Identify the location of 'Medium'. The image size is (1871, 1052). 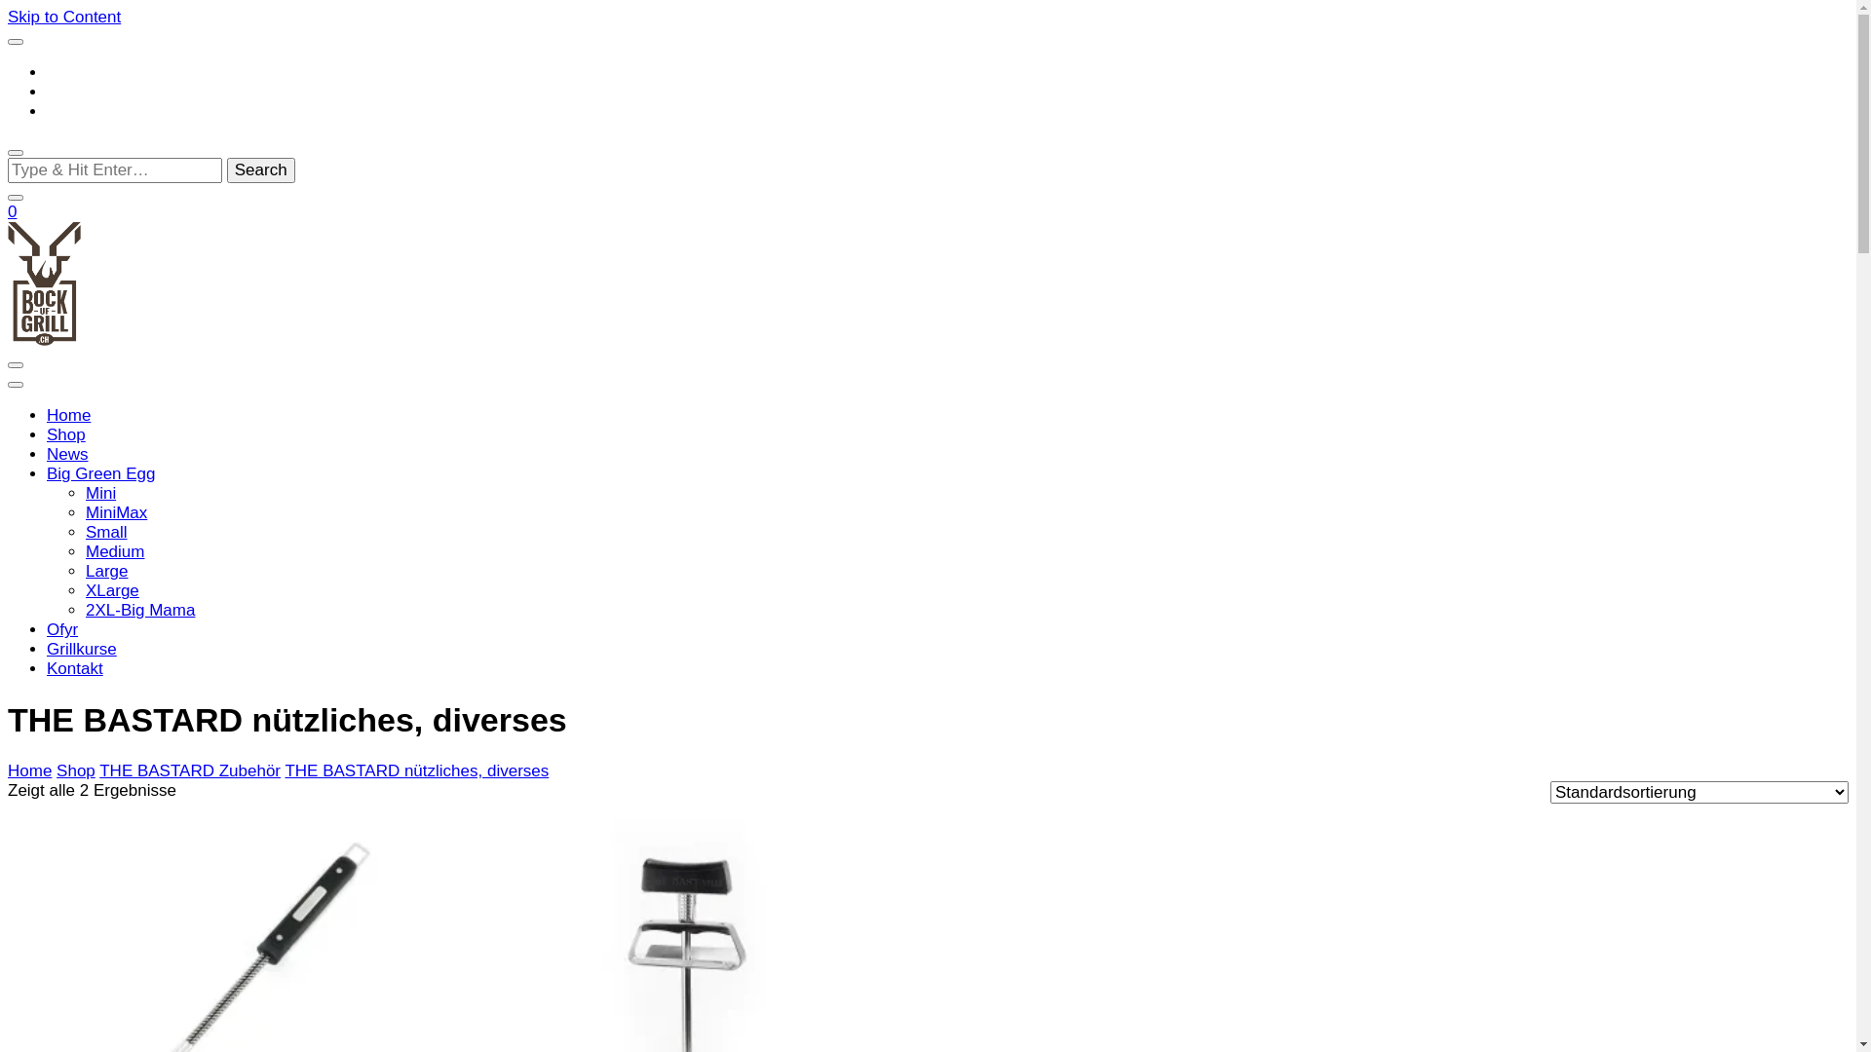
(114, 551).